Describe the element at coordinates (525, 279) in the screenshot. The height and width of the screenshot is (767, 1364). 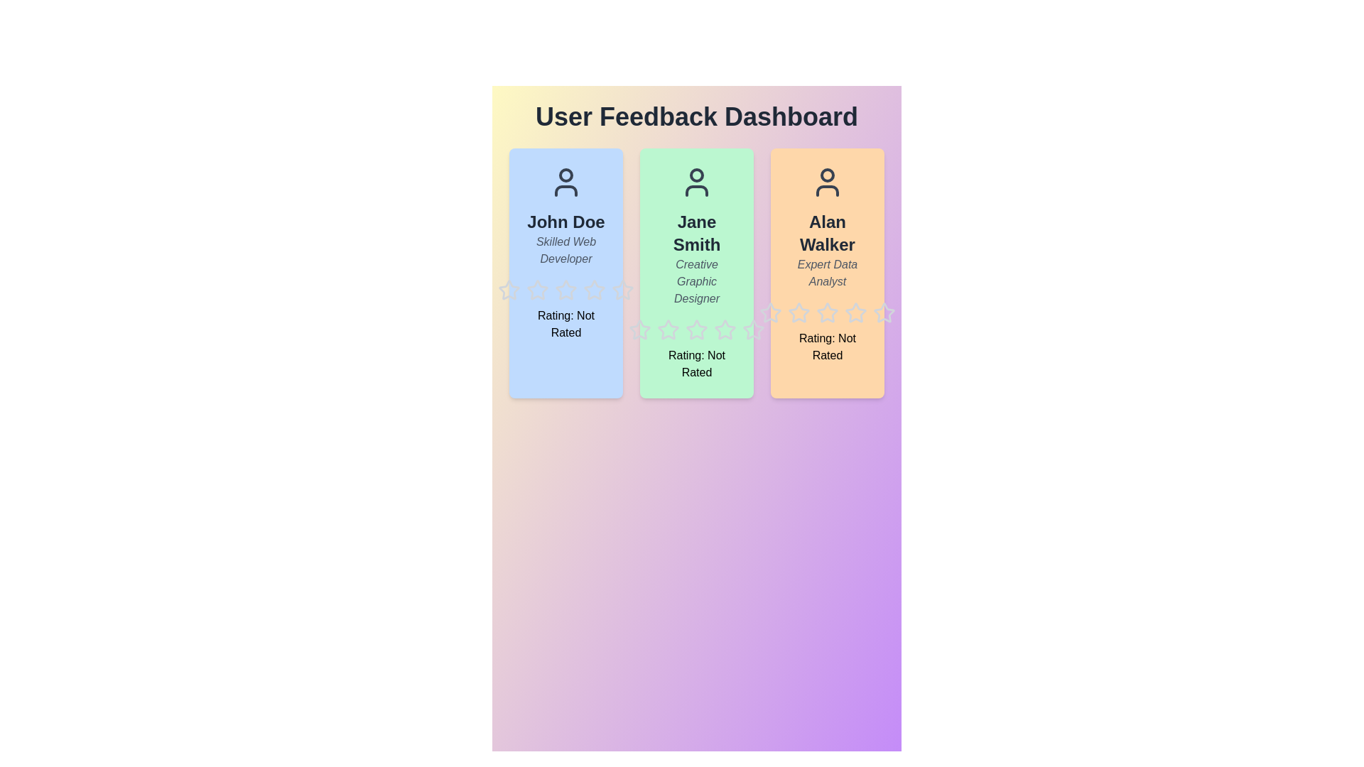
I see `the star icon corresponding to 2 for user John Doe` at that location.